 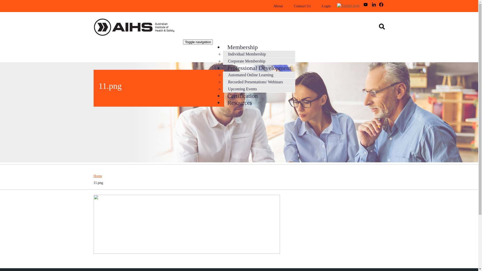 I want to click on 'Skip to main content', so click(x=17, y=0).